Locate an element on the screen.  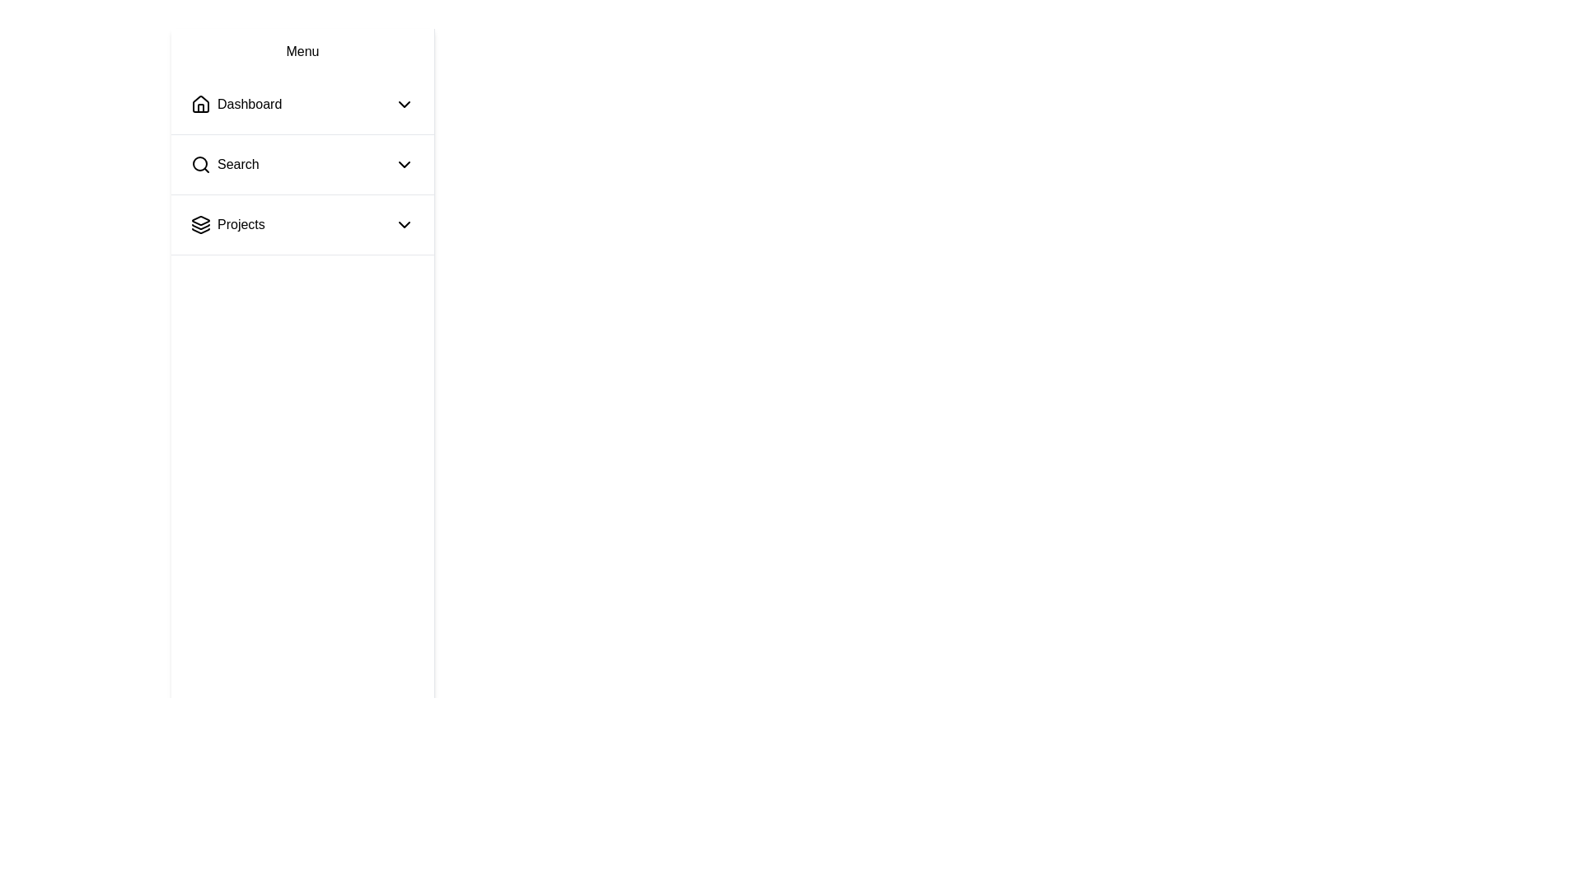
the 'Projects' menu item, which is the third entry in the navigation menu, displaying the word 'Projects' with icons on either side is located at coordinates (302, 225).